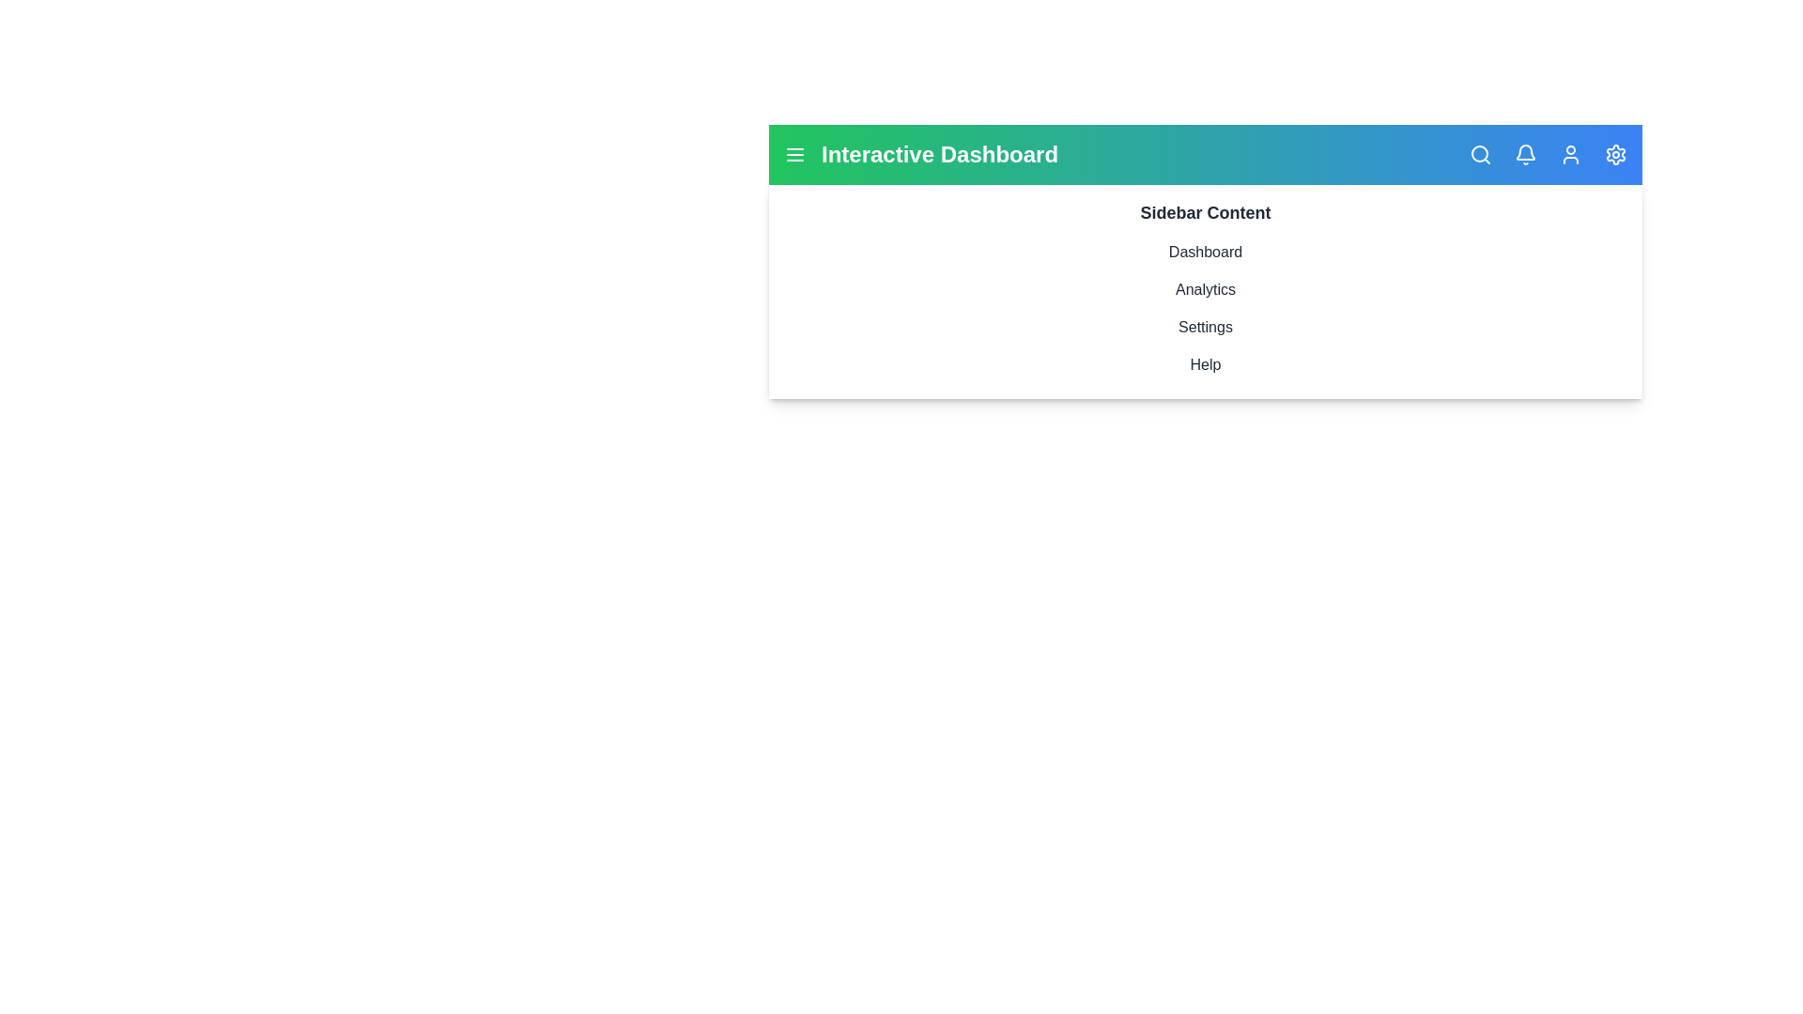 The width and height of the screenshot is (1803, 1014). Describe the element at coordinates (1205, 365) in the screenshot. I see `the sidebar item Help by clicking on it` at that location.